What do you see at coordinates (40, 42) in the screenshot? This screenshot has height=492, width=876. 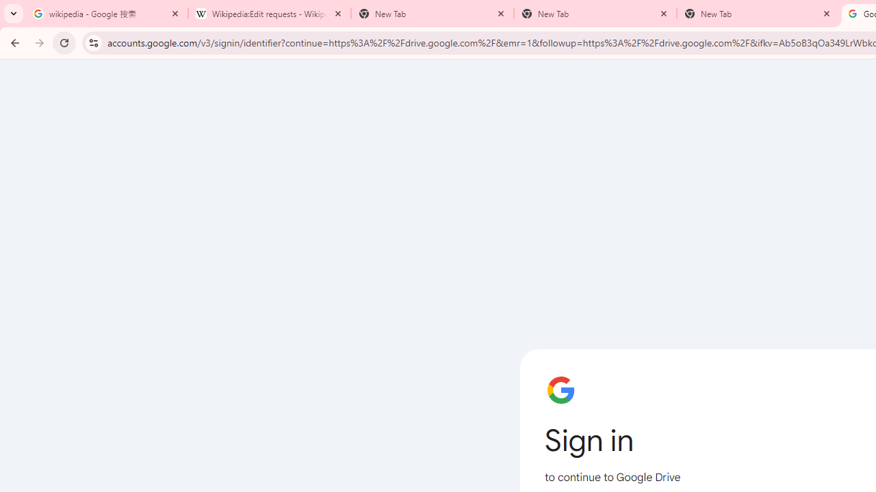 I see `'Forward'` at bounding box center [40, 42].